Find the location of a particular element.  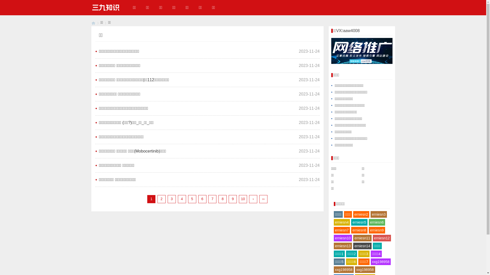

'erniesn14' is located at coordinates (353, 245).